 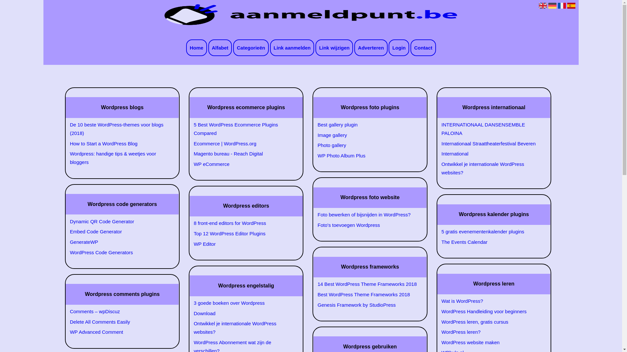 What do you see at coordinates (208, 47) in the screenshot?
I see `'Alfabet'` at bounding box center [208, 47].